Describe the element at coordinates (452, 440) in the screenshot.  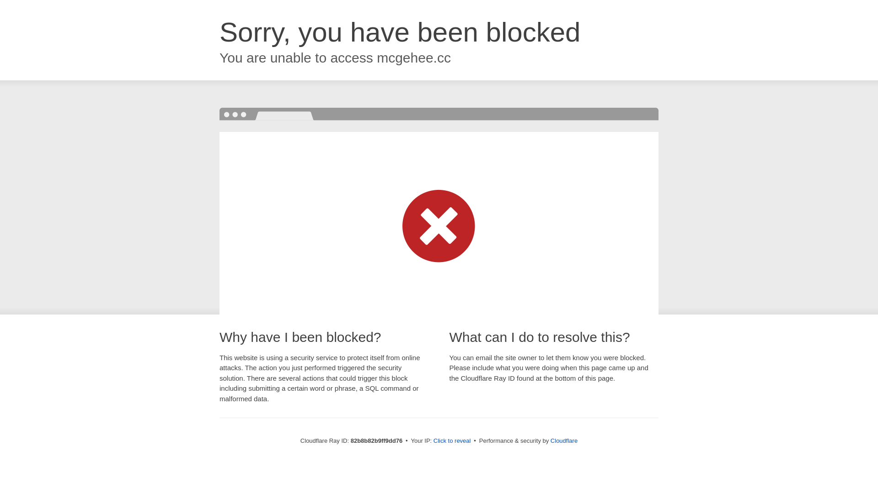
I see `'Click to reveal'` at that location.